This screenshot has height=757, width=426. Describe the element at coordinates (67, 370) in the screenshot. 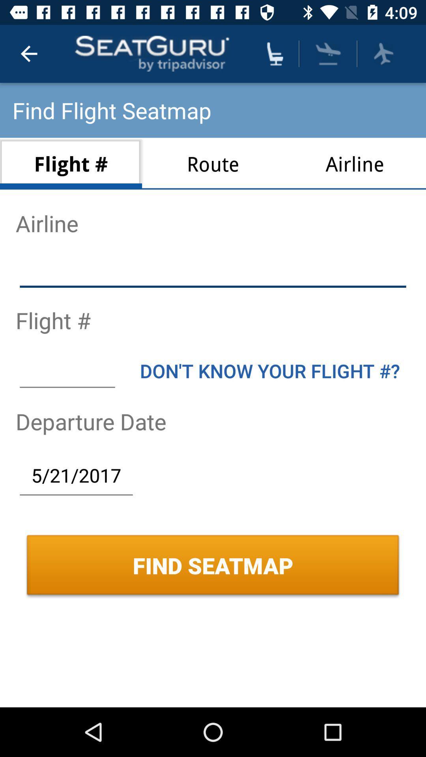

I see `type the text bar` at that location.